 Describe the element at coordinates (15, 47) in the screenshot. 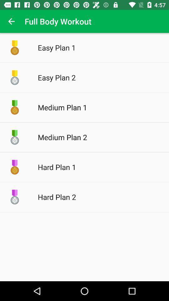

I see `icon beside easy plan 1` at that location.